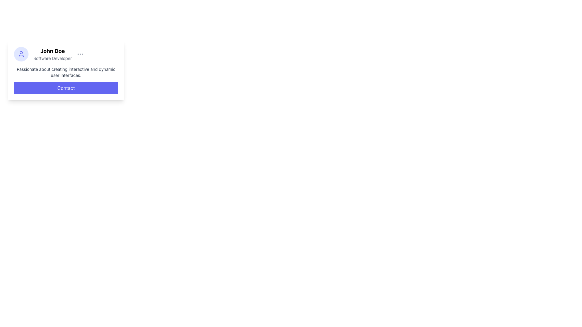 The image size is (582, 327). What do you see at coordinates (66, 72) in the screenshot?
I see `descriptive text content located in the central section of the profile card, positioned below the user's name and job title, and above the blue 'Contact' button` at bounding box center [66, 72].